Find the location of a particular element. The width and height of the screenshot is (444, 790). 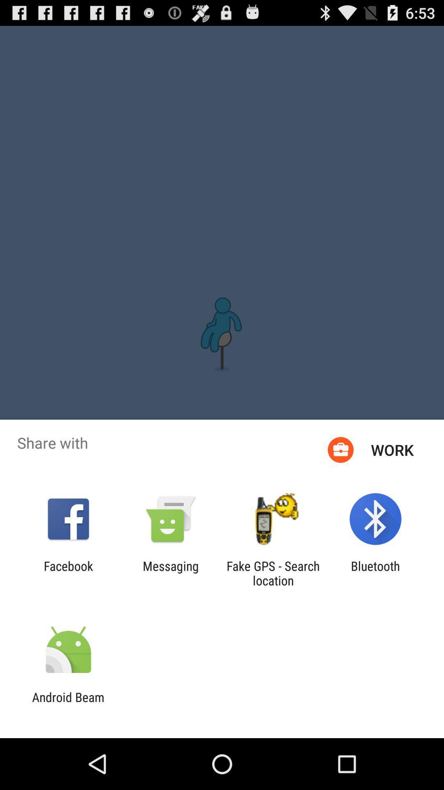

android beam app is located at coordinates (68, 704).